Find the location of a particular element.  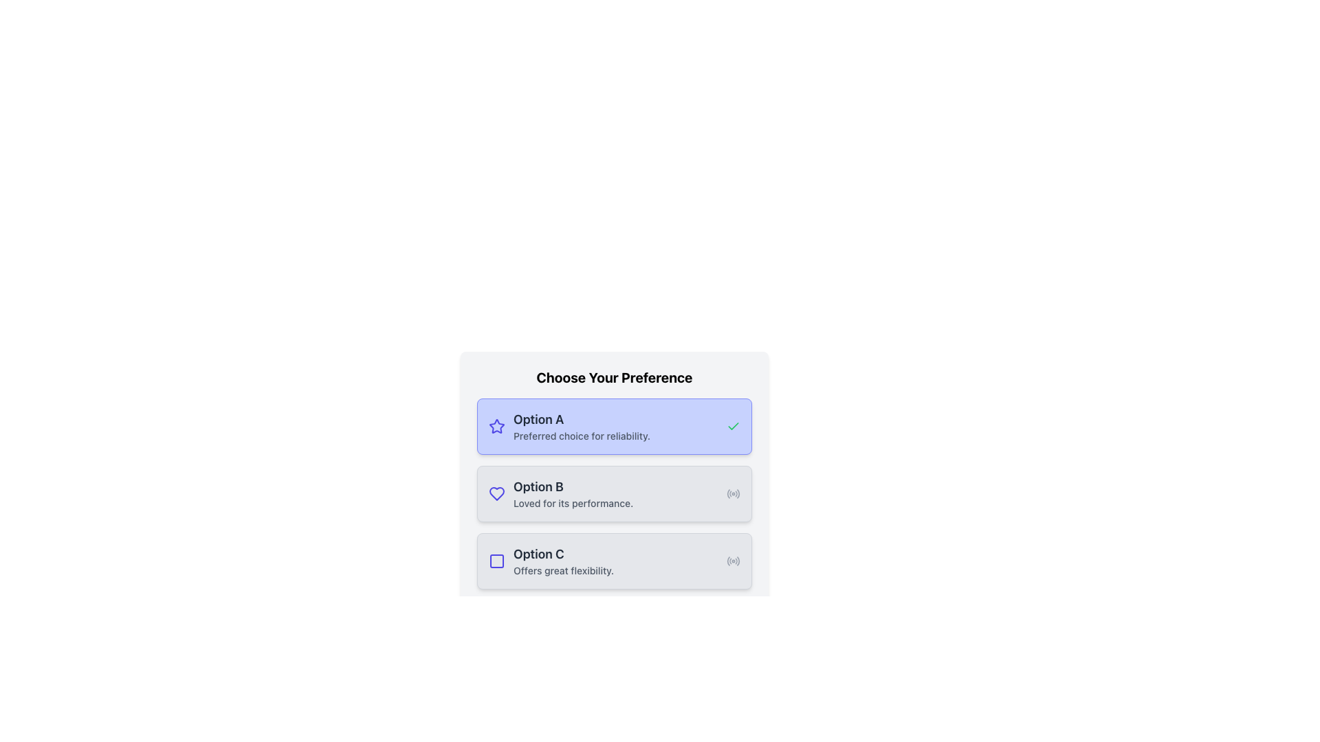

the text element that reads 'Loved for its performance.' located below the title 'Option B' in the user preference selection interface is located at coordinates (615, 503).